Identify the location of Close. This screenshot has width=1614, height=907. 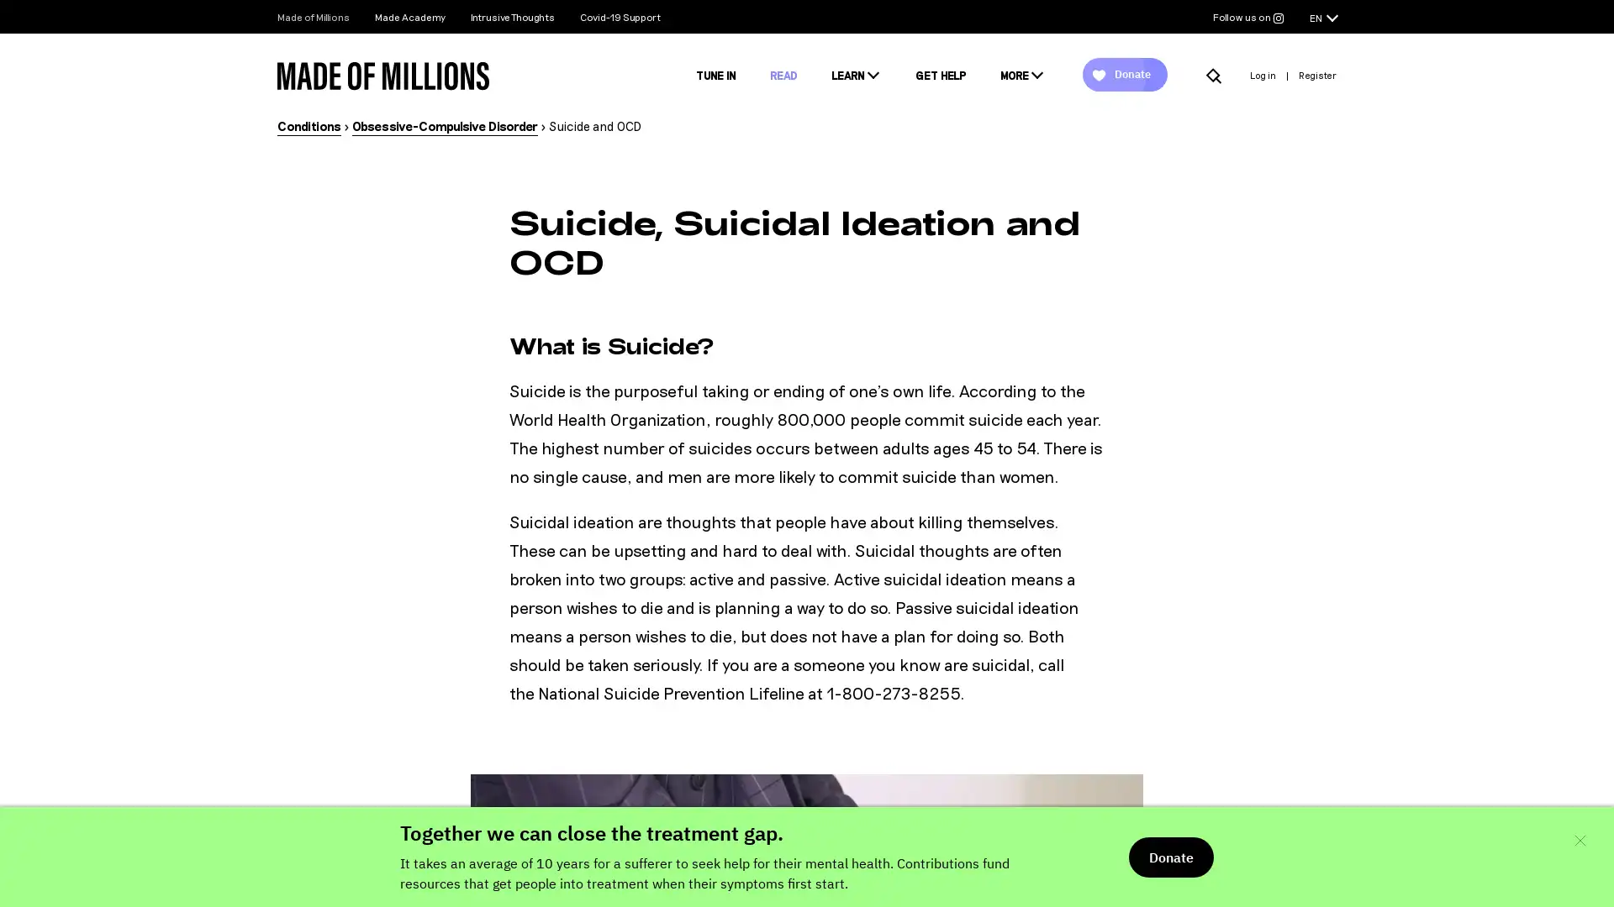
(1085, 157).